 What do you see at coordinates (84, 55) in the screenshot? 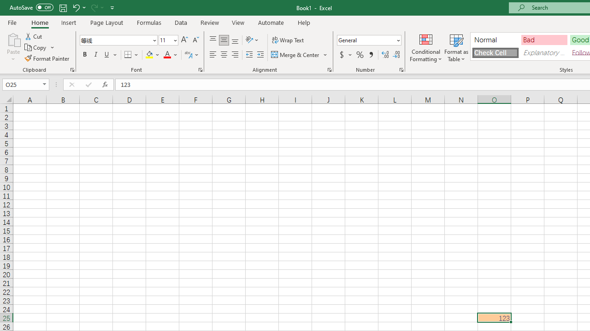
I see `'Bold'` at bounding box center [84, 55].